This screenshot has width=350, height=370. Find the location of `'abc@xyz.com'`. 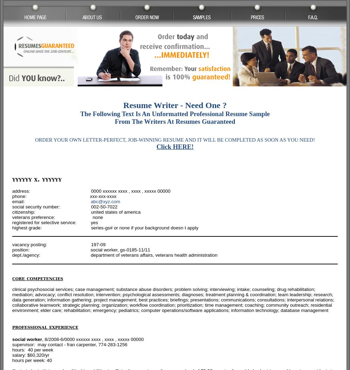

'abc@xyz.com' is located at coordinates (91, 201).